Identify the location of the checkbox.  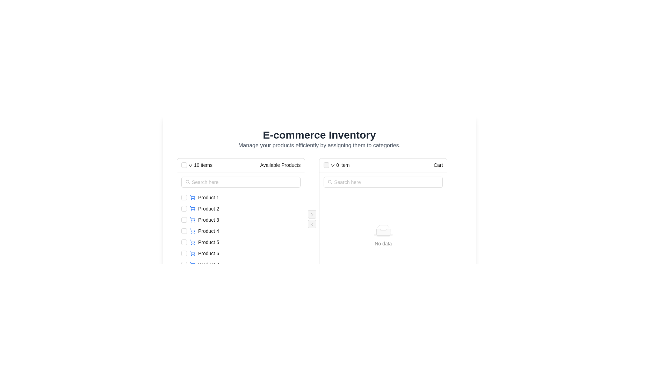
(184, 242).